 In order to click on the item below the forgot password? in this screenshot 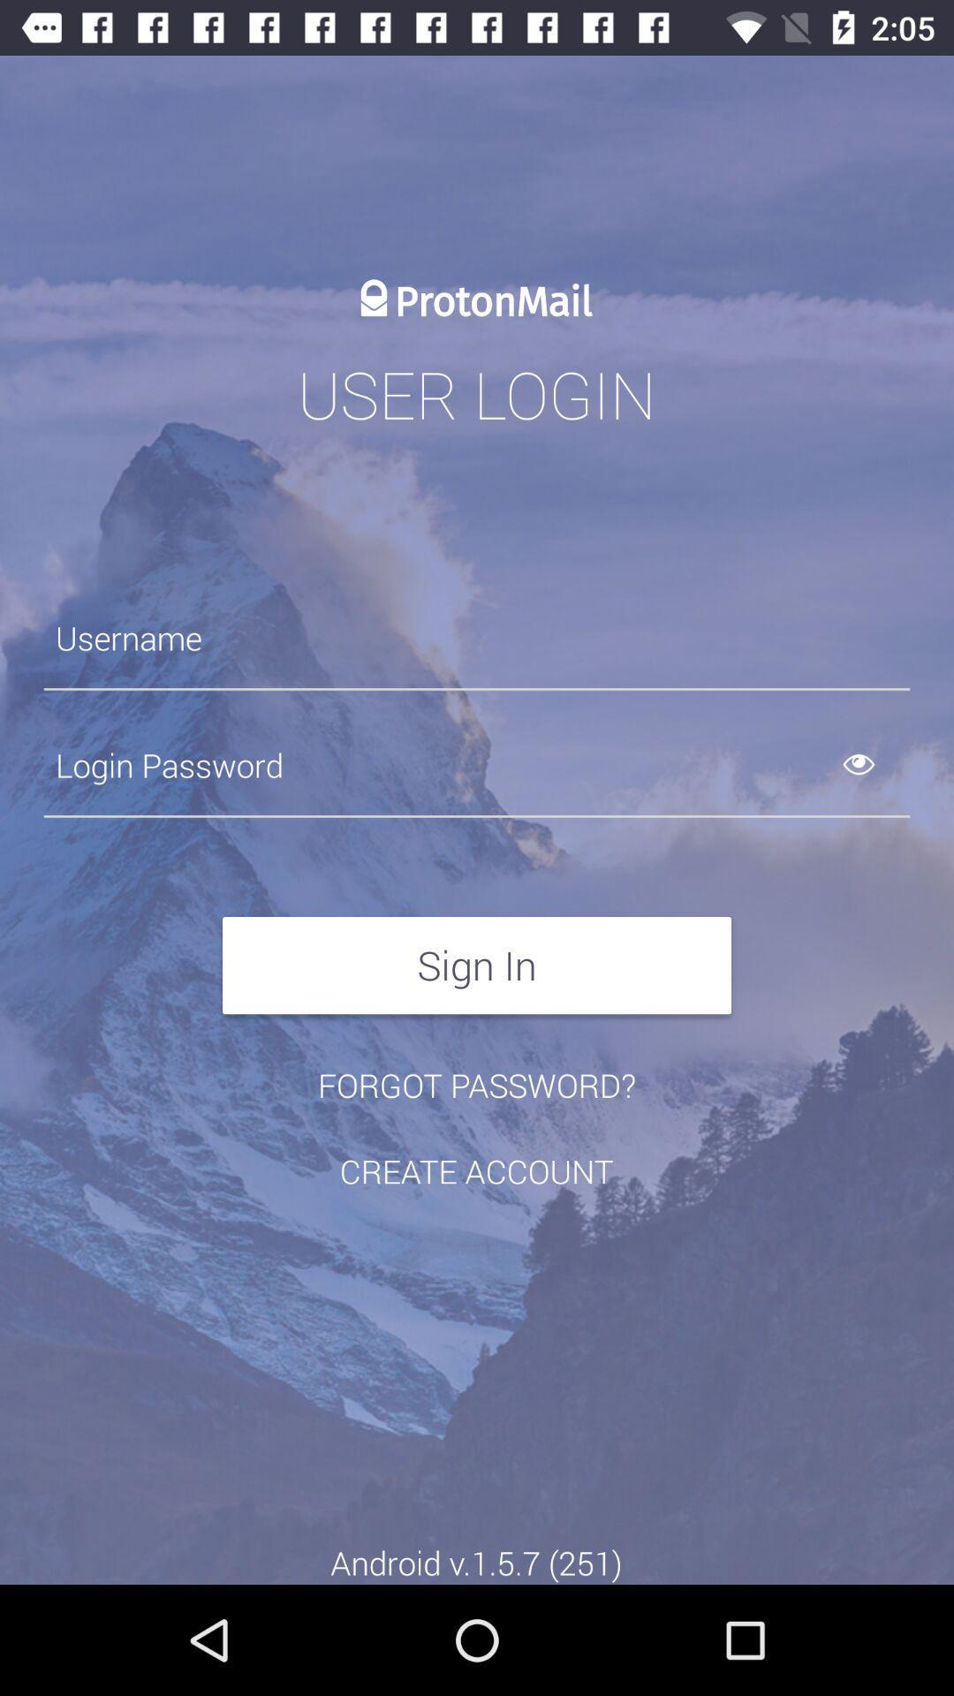, I will do `click(475, 1170)`.